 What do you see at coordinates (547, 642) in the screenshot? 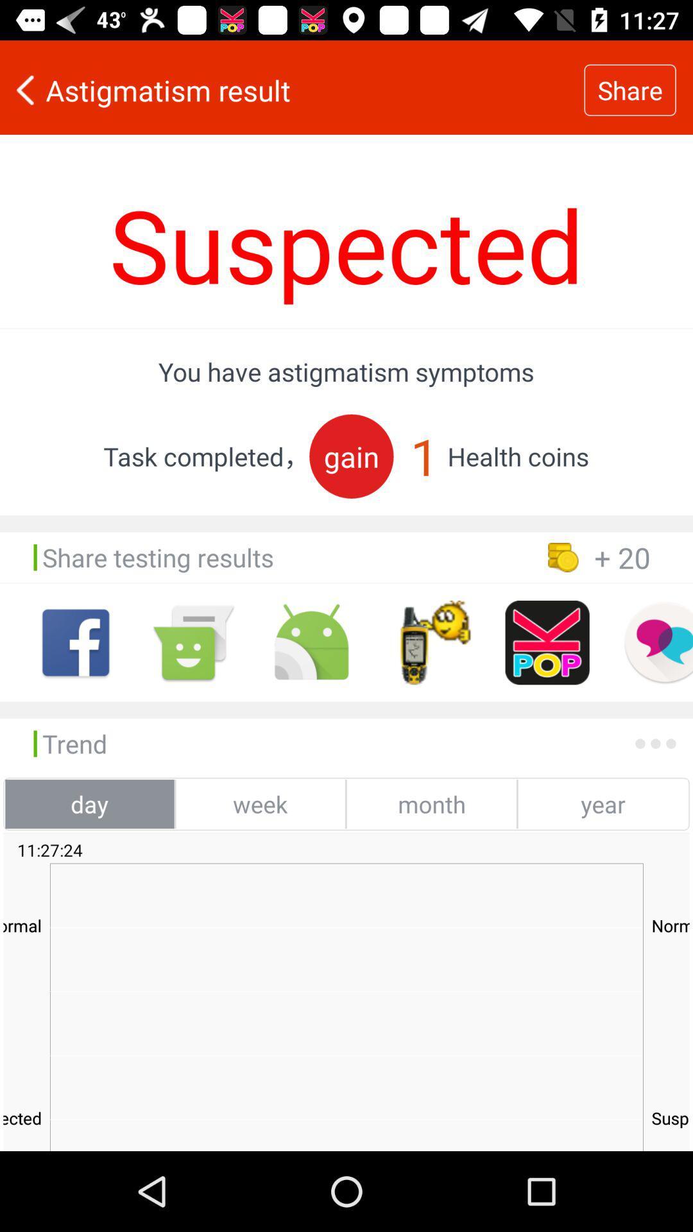
I see `open kpop app` at bounding box center [547, 642].